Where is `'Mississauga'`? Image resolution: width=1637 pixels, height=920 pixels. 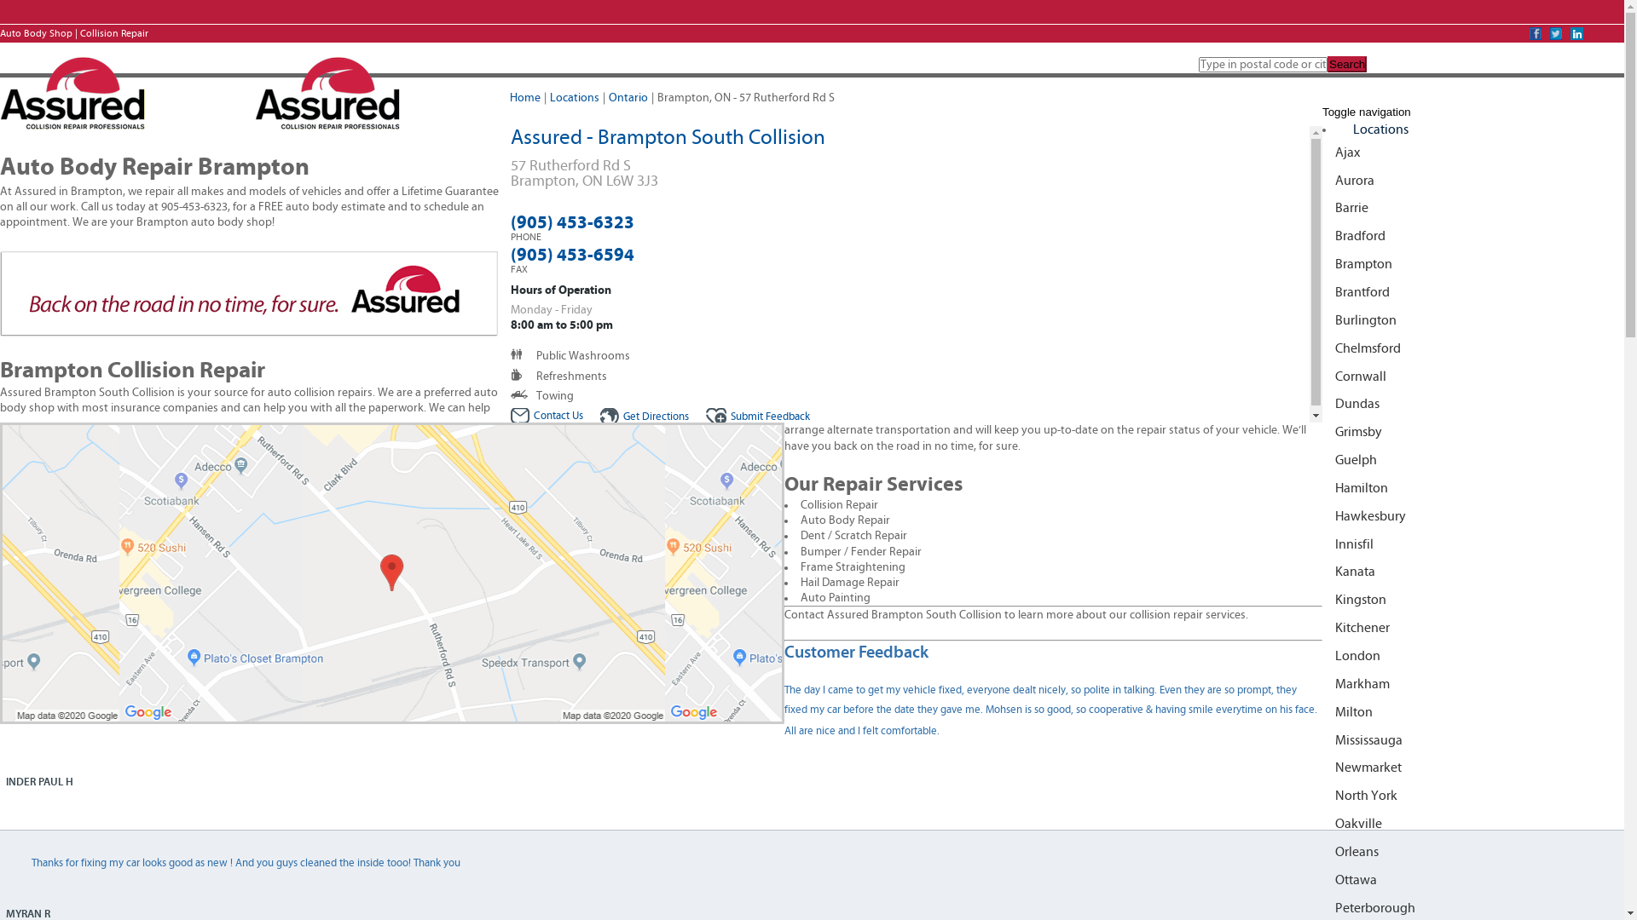 'Mississauga' is located at coordinates (1321, 739).